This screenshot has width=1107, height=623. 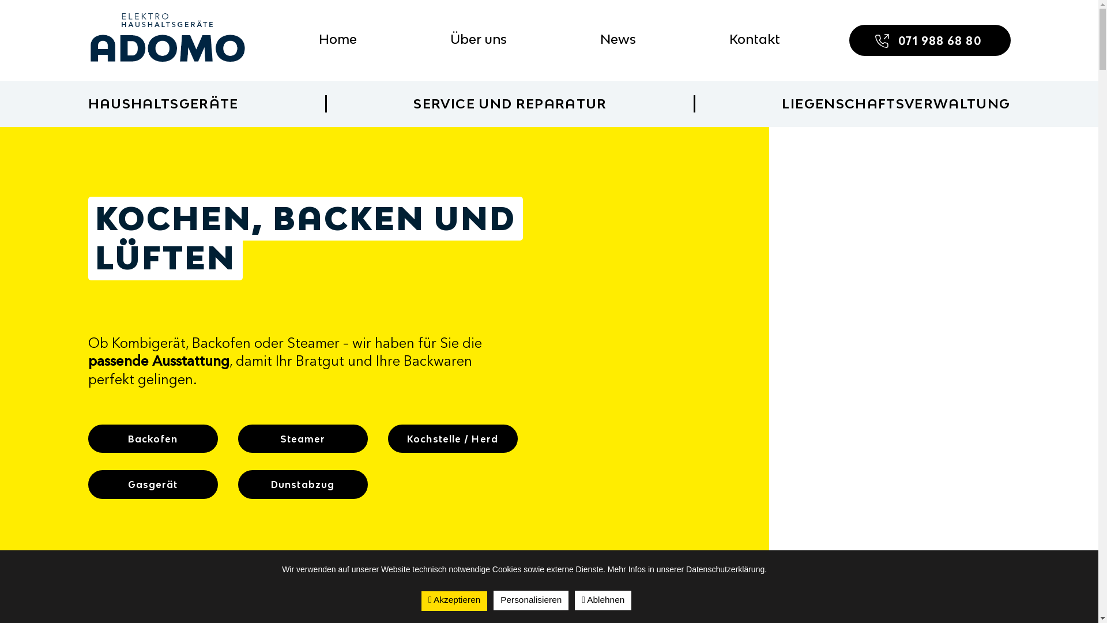 What do you see at coordinates (152, 438) in the screenshot?
I see `'Backofen'` at bounding box center [152, 438].